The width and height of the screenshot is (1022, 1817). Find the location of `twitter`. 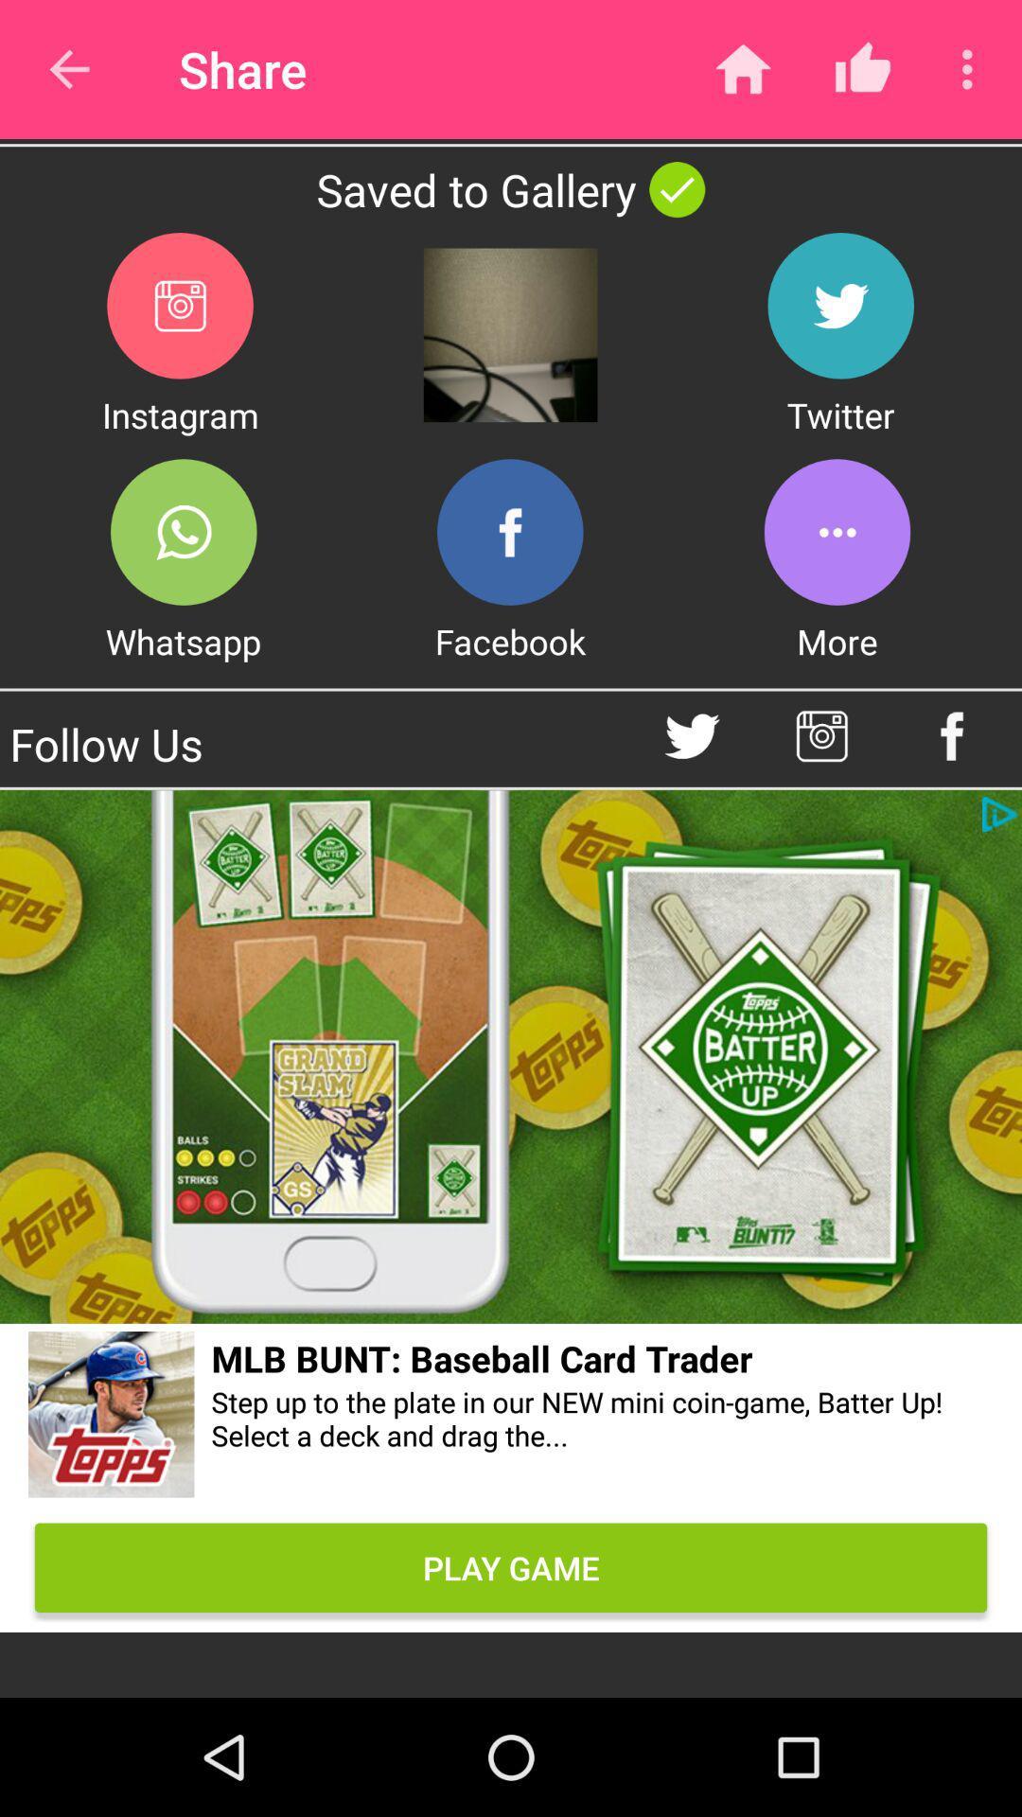

twitter is located at coordinates (692, 735).